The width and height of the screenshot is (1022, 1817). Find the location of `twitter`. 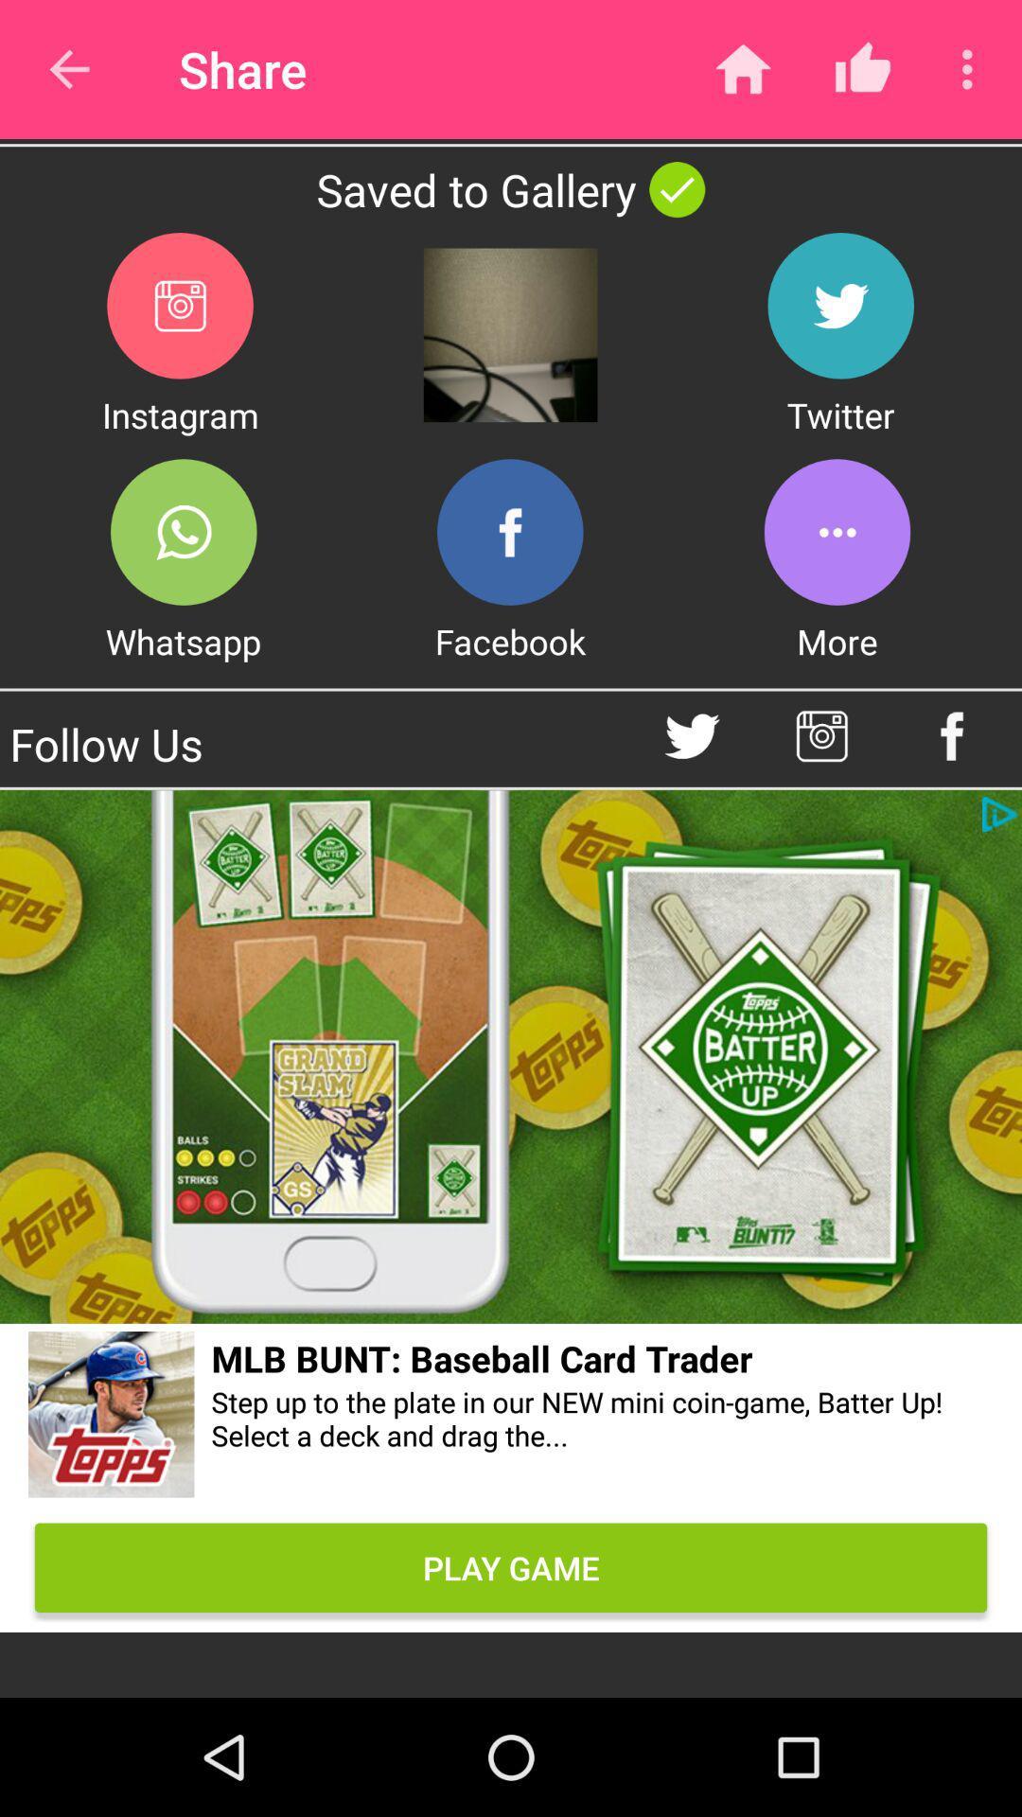

twitter is located at coordinates (692, 735).